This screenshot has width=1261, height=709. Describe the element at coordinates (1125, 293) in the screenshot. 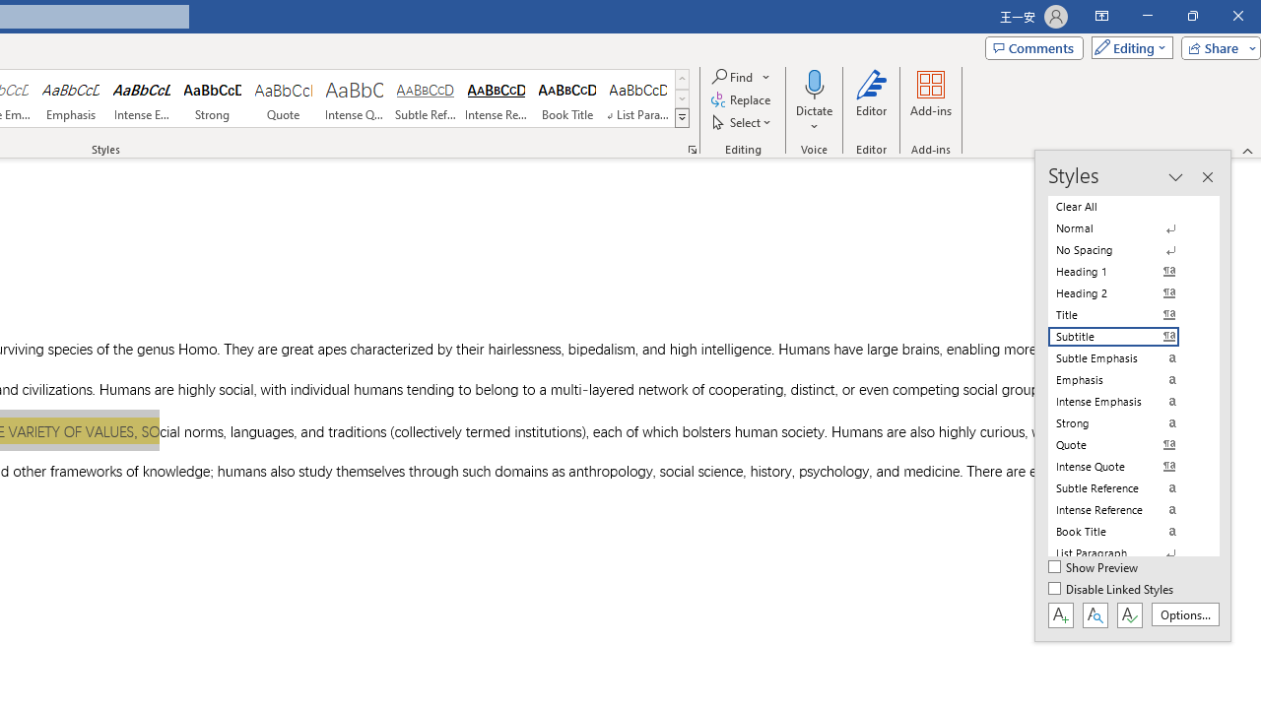

I see `'Heading 2'` at that location.